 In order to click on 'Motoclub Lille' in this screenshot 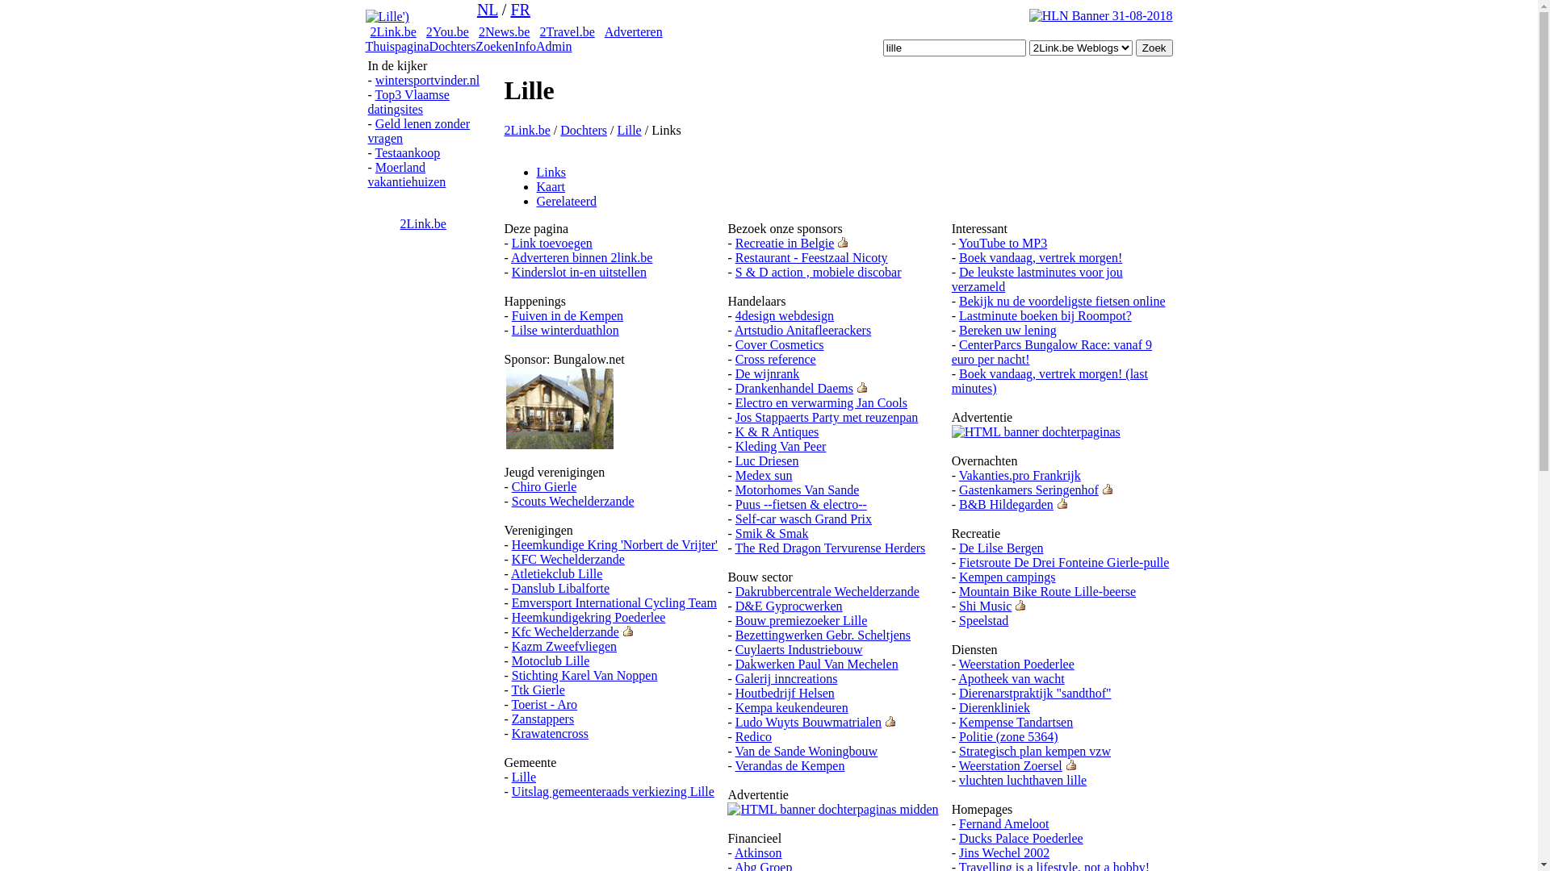, I will do `click(550, 661)`.